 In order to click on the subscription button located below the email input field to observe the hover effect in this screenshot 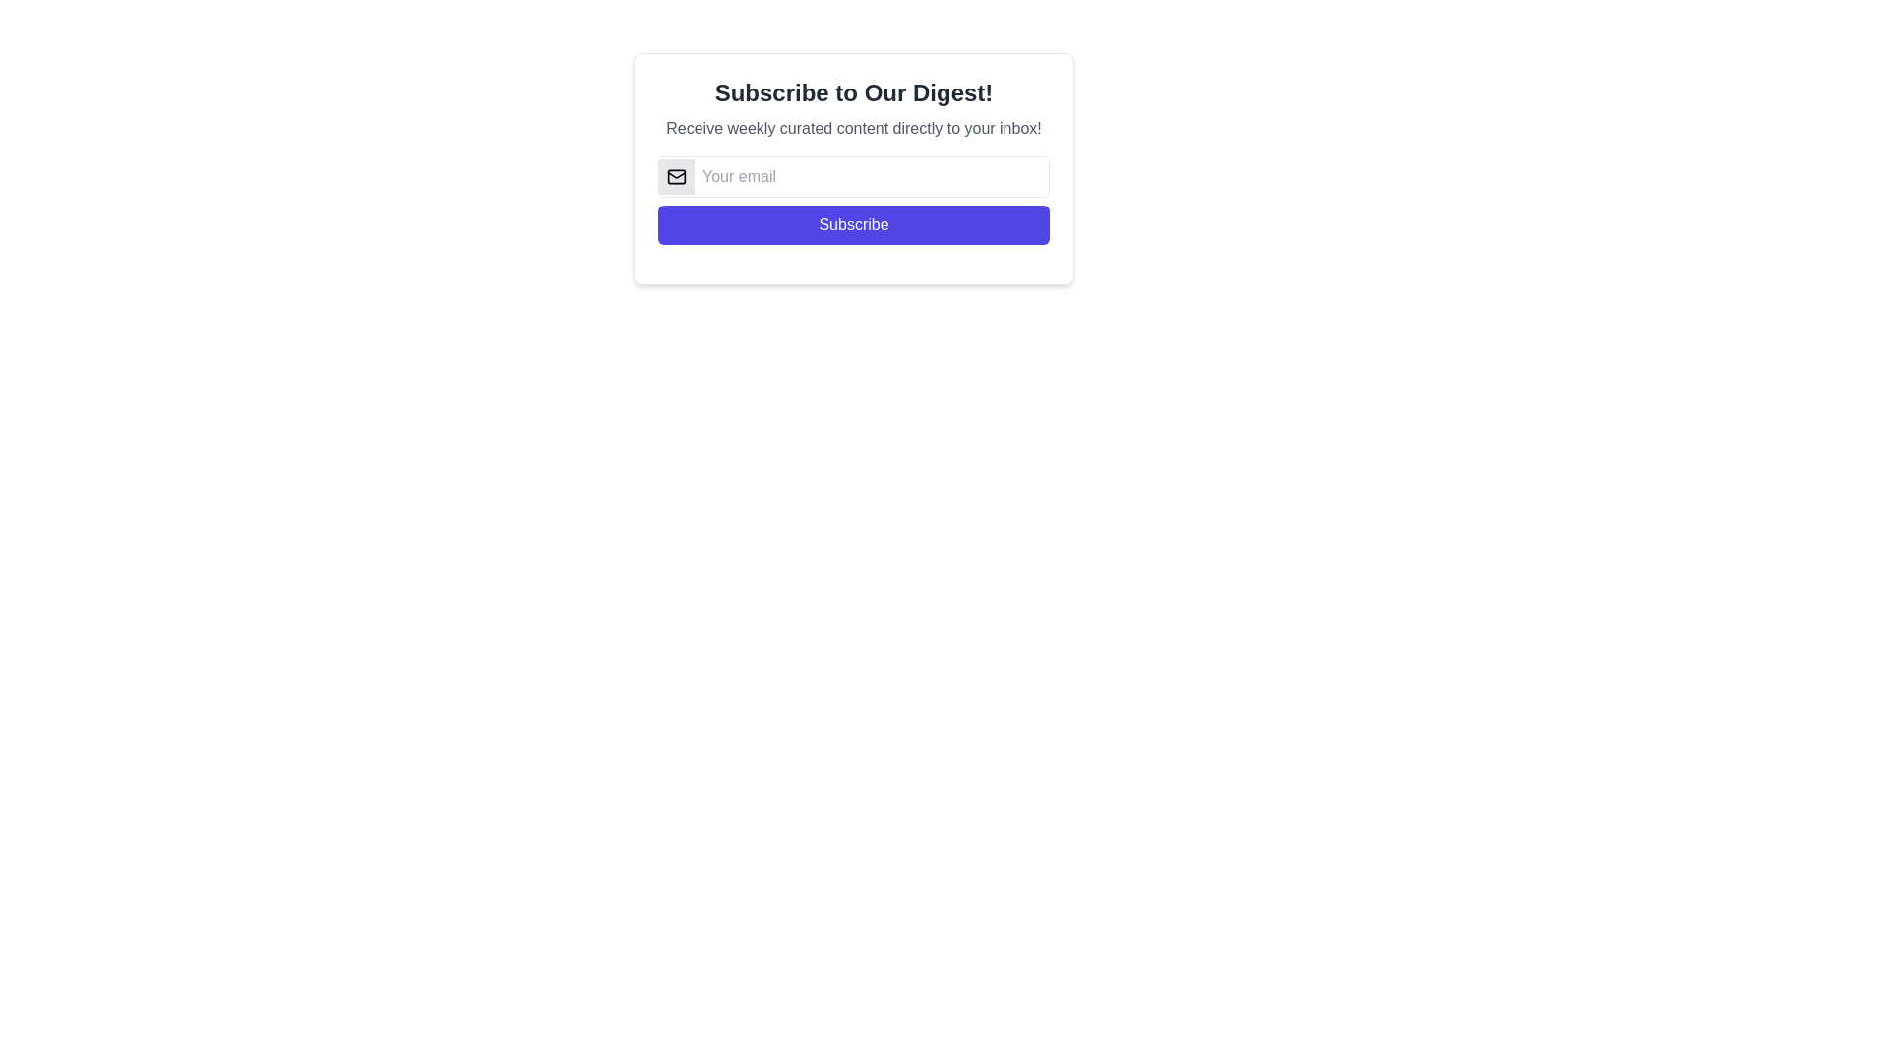, I will do `click(854, 223)`.